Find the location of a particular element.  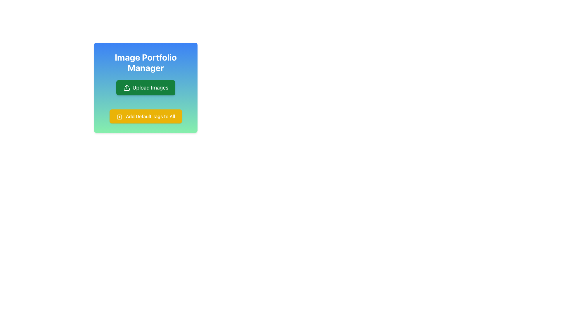

the yellow rectangular button labeled 'Add Default Tags to All' with a plus icon, located below the 'Upload Images' button is located at coordinates (146, 116).